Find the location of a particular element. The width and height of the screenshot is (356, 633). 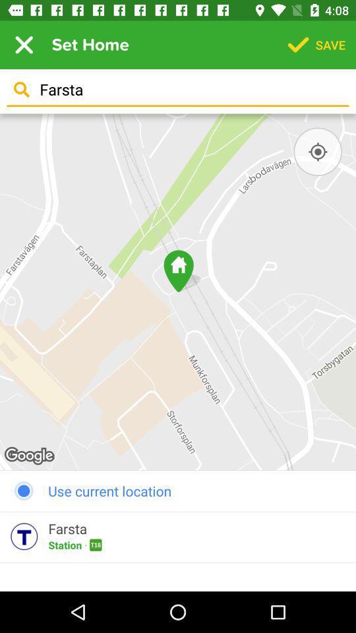

find location button is located at coordinates (317, 152).